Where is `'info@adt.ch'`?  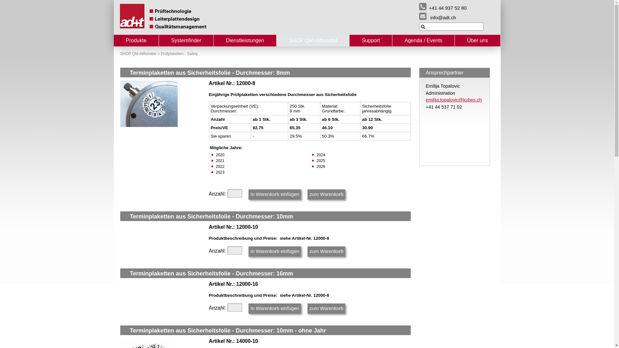 'info@adt.ch' is located at coordinates (419, 16).